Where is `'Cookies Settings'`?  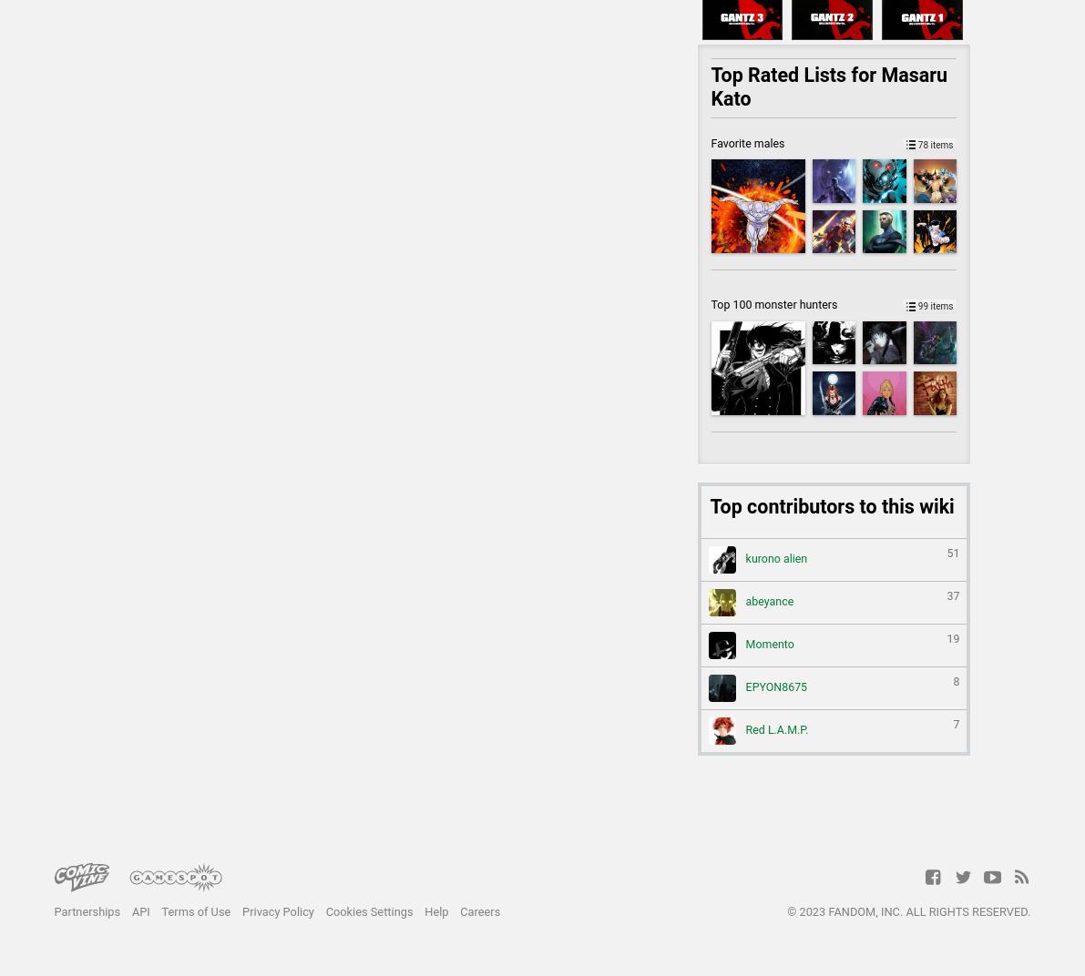 'Cookies Settings' is located at coordinates (323, 910).